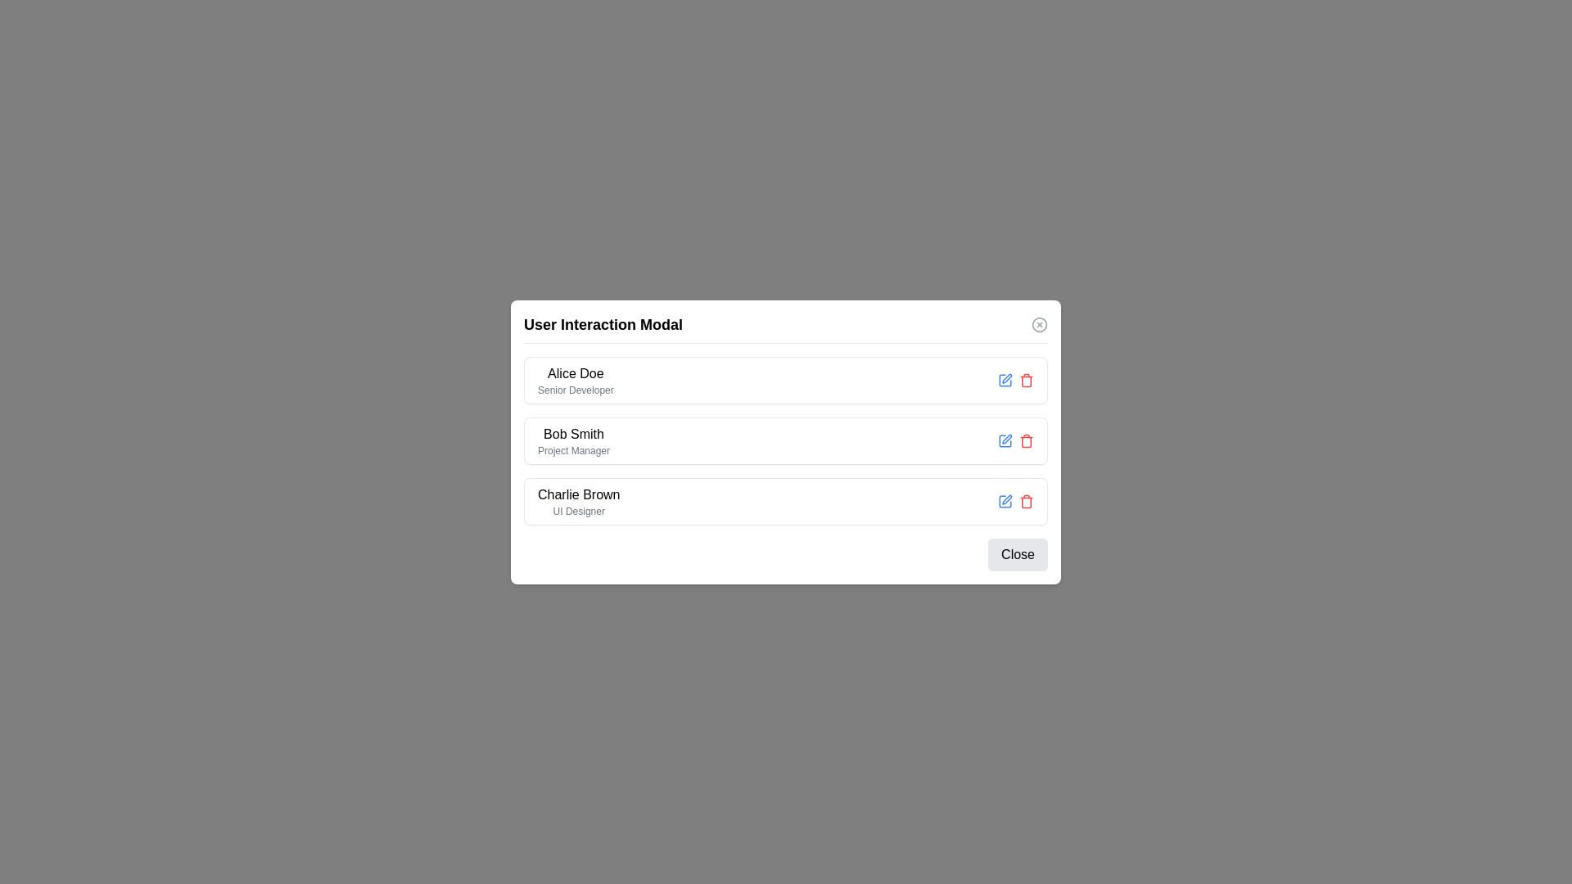  I want to click on the Text label block displaying 'Bob Smith' with the subtitle 'Project Manager', located in the profile entries list within the modal dialog, so click(573, 440).